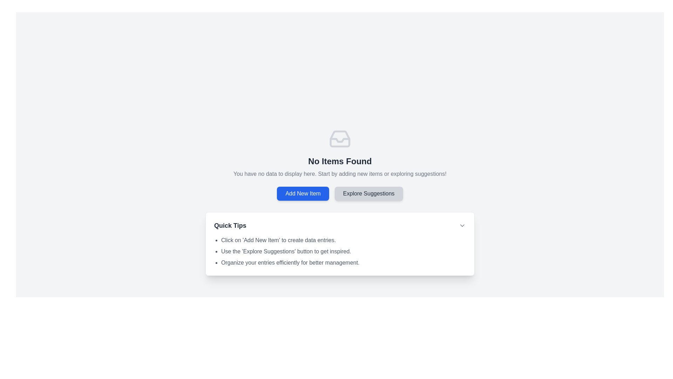 This screenshot has width=673, height=379. What do you see at coordinates (343, 240) in the screenshot?
I see `the textual guidance in the first bullet point of the 'Quick Tips' section to understand the instructions for using the 'Add New Item' button` at bounding box center [343, 240].